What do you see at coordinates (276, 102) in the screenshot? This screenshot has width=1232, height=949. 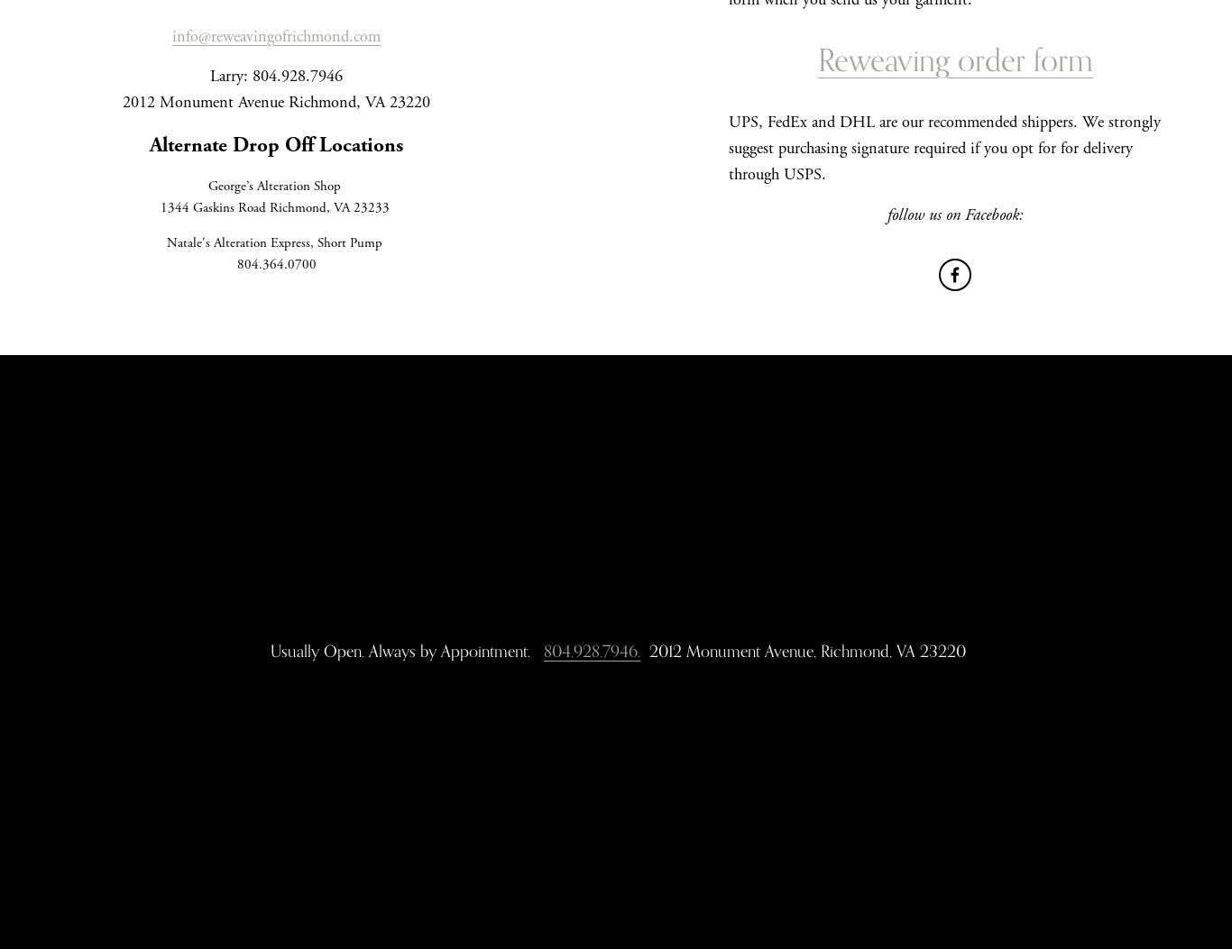 I see `'2012 Monument Avenue Richmond, VA 23220'` at bounding box center [276, 102].